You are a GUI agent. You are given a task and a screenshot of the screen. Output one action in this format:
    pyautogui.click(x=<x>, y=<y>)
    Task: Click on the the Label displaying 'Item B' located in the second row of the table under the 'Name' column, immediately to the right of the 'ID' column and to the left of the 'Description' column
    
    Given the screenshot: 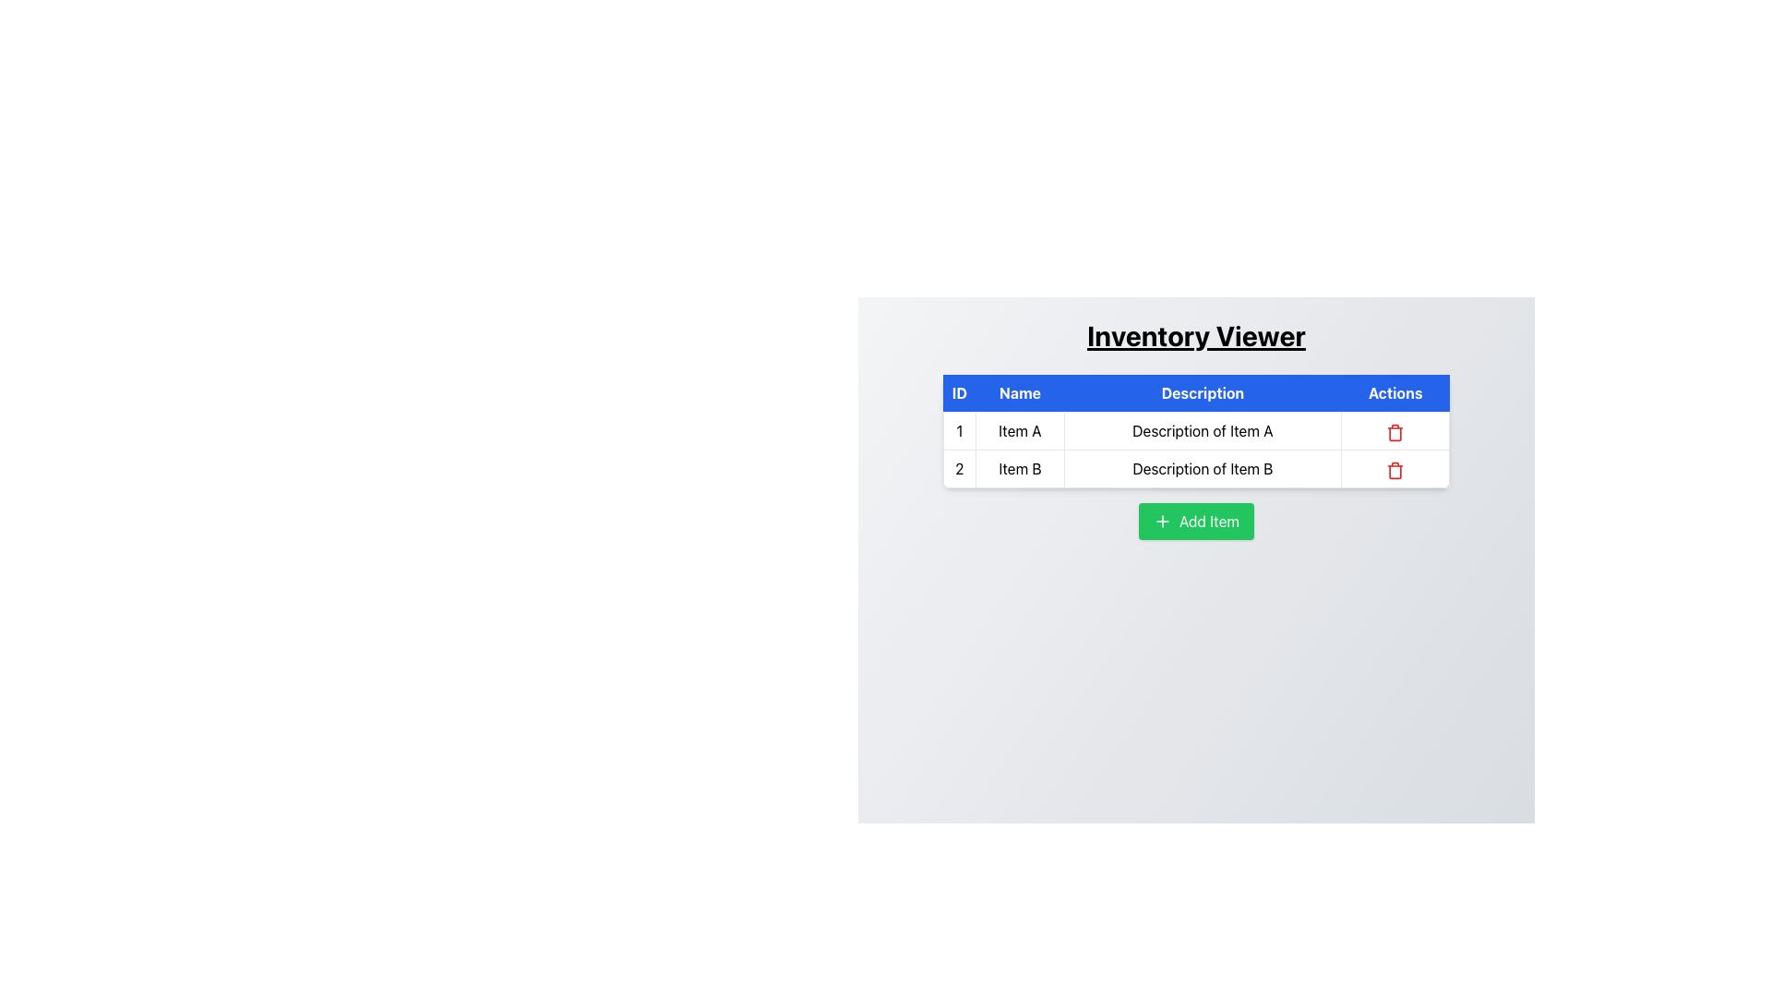 What is the action you would take?
    pyautogui.click(x=1019, y=468)
    